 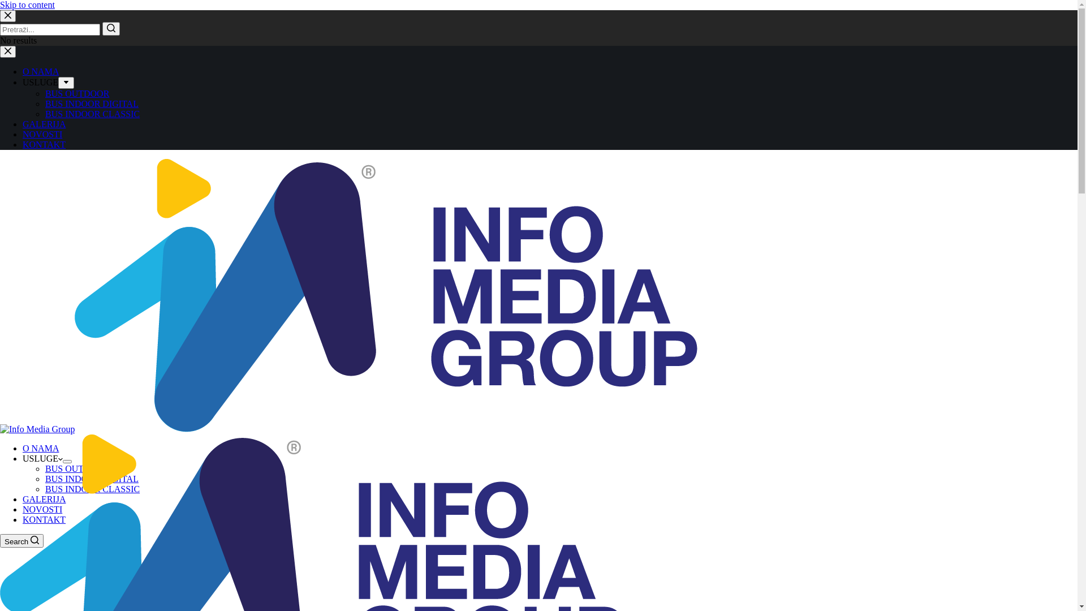 What do you see at coordinates (41, 71) in the screenshot?
I see `'O NAMA'` at bounding box center [41, 71].